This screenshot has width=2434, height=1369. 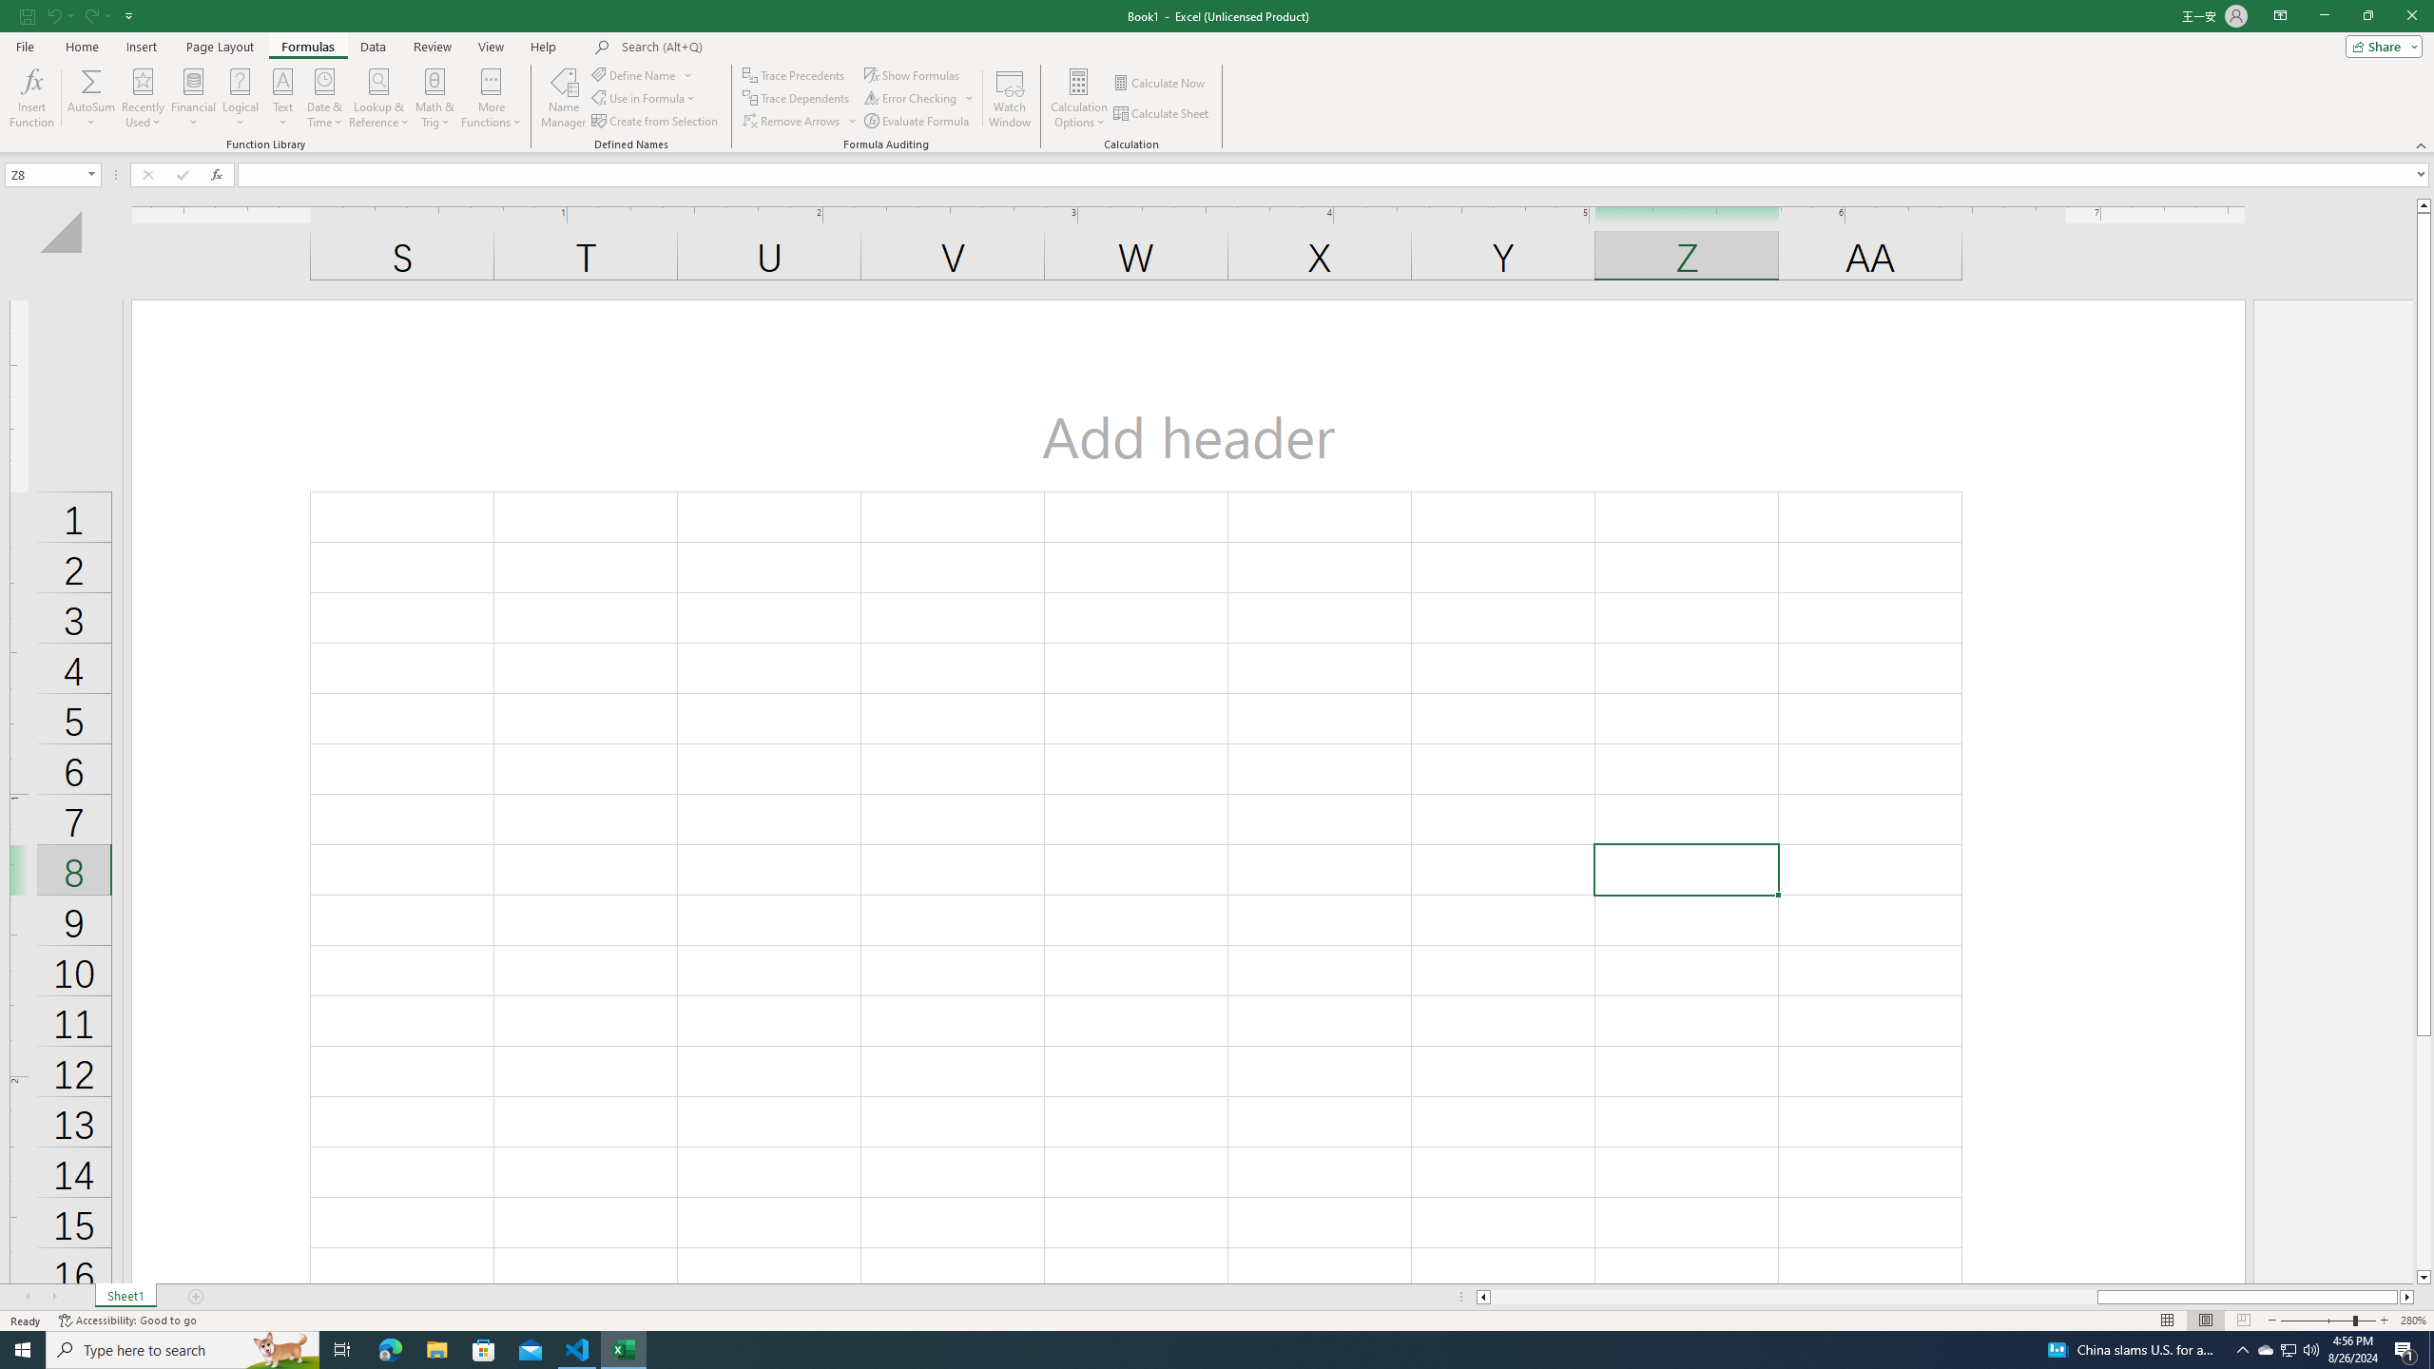 What do you see at coordinates (324, 98) in the screenshot?
I see `'Date & Time'` at bounding box center [324, 98].